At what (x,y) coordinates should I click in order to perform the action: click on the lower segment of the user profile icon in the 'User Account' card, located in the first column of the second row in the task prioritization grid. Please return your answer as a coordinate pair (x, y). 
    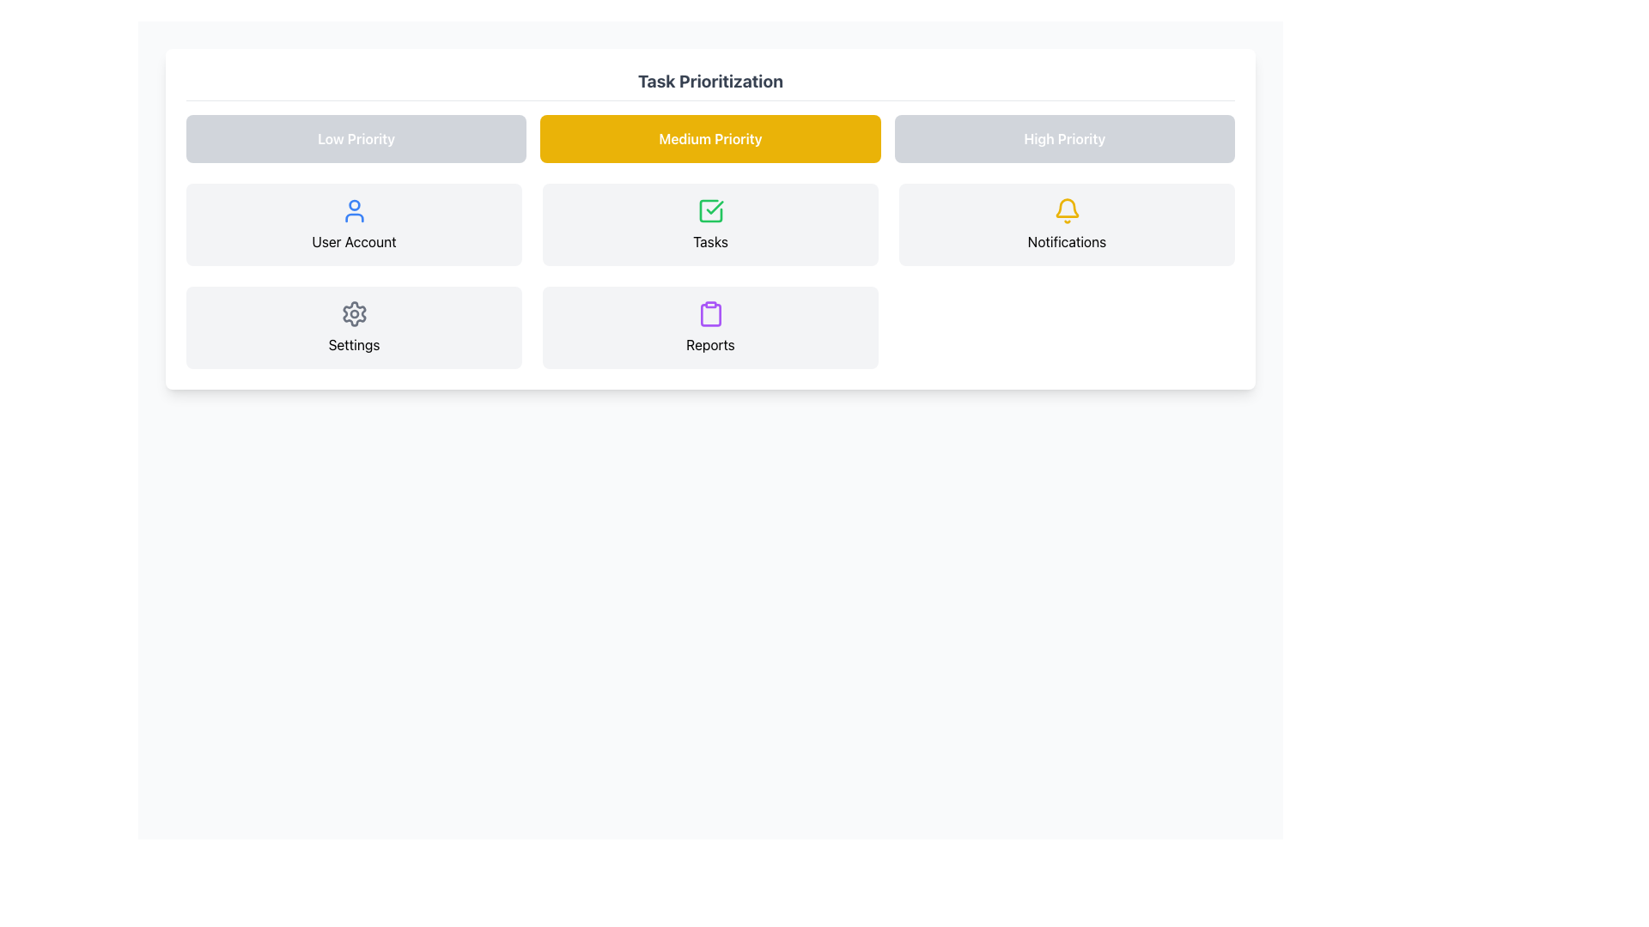
    Looking at the image, I should click on (353, 217).